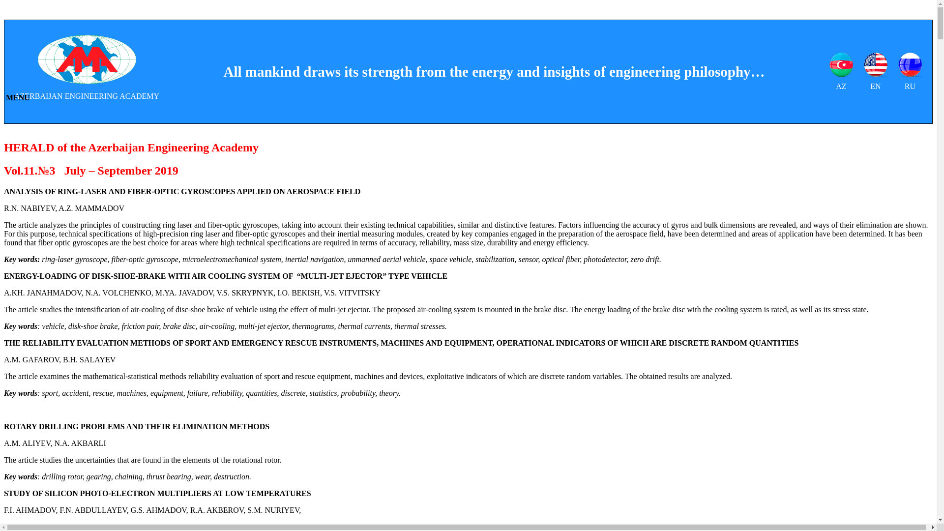 The height and width of the screenshot is (531, 944). I want to click on 'AZ', so click(828, 71).